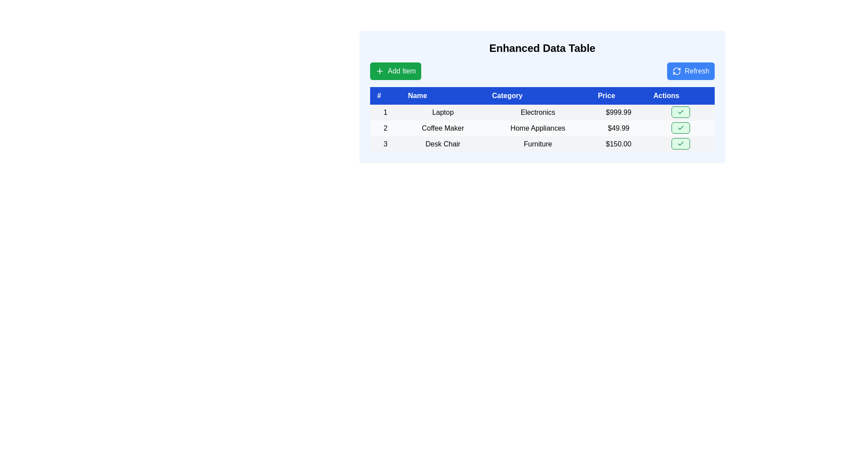 This screenshot has width=846, height=475. I want to click on the individual cells within the third row of the table containing values '3', 'Desk Chair', 'Furniture', and '$150.00', so click(542, 143).